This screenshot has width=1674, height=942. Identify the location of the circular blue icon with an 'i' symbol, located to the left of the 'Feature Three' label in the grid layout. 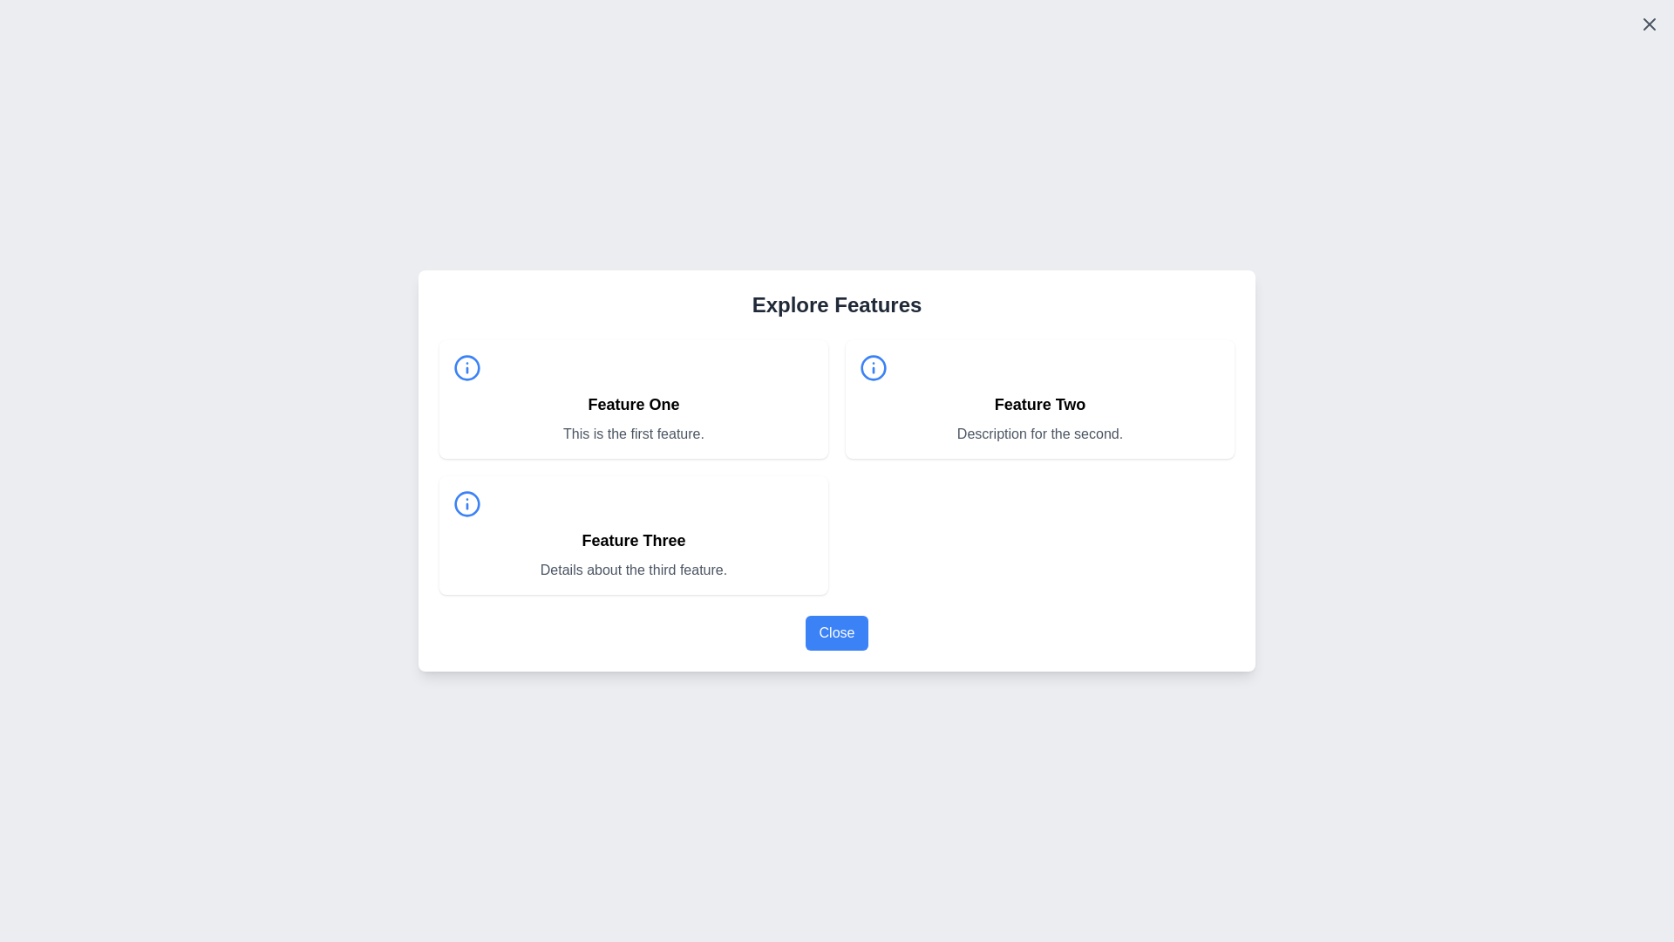
(467, 504).